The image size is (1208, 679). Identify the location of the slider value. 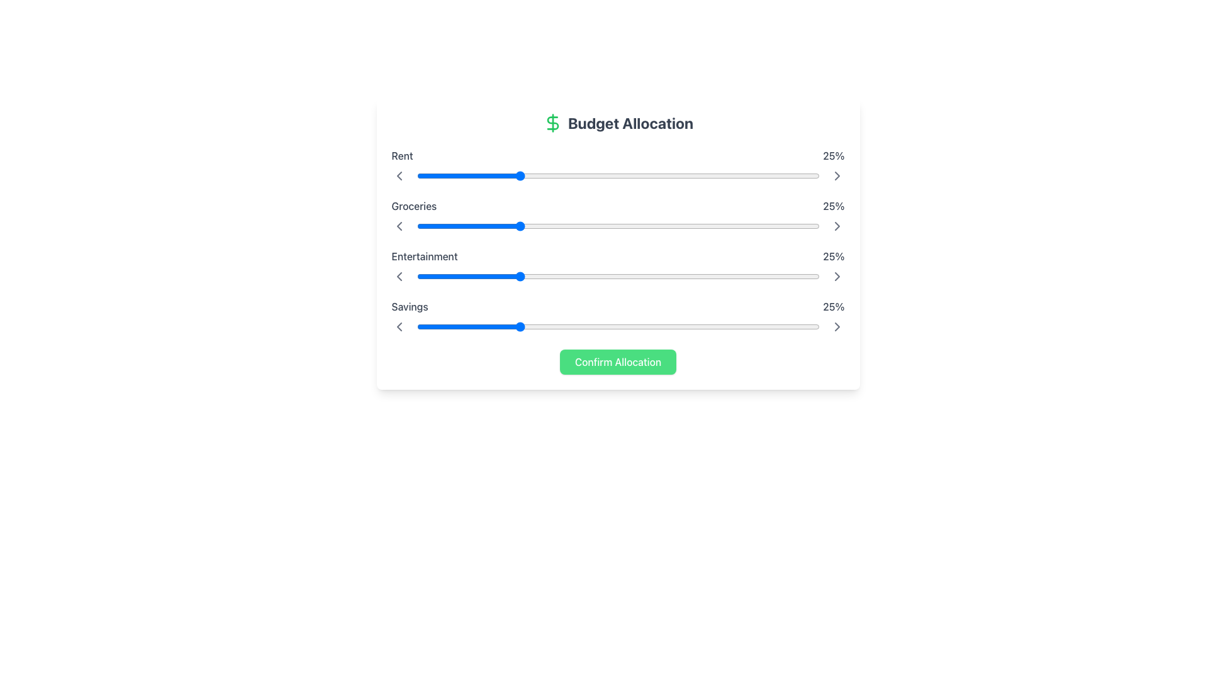
(606, 326).